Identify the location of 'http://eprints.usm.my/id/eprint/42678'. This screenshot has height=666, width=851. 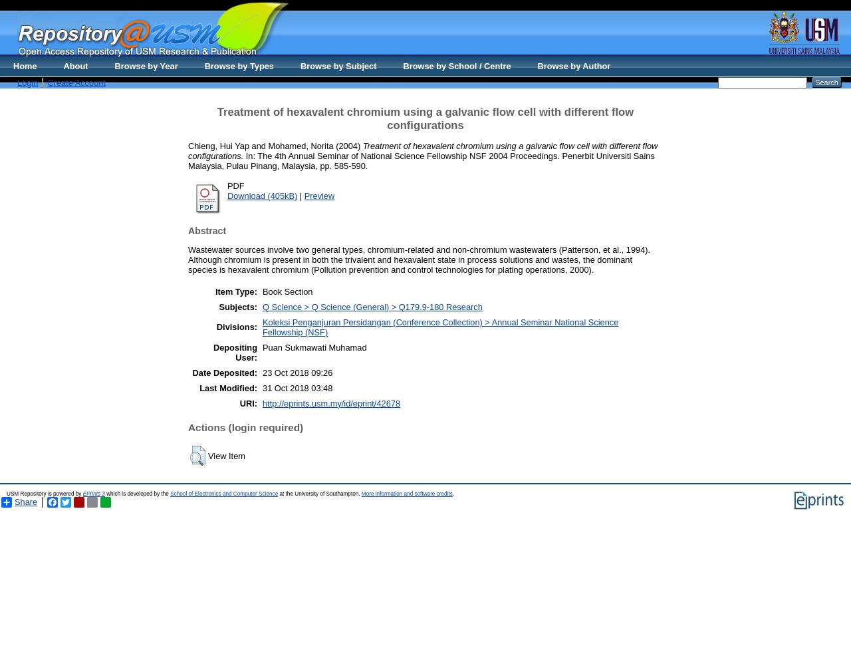
(331, 403).